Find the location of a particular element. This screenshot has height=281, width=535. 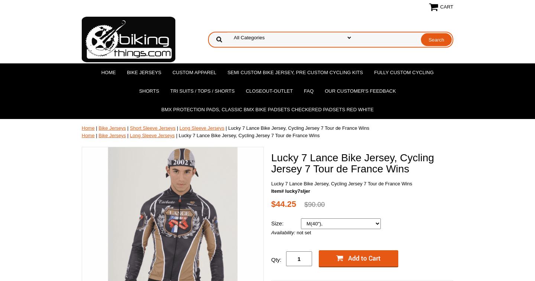

'not set' is located at coordinates (304, 232).